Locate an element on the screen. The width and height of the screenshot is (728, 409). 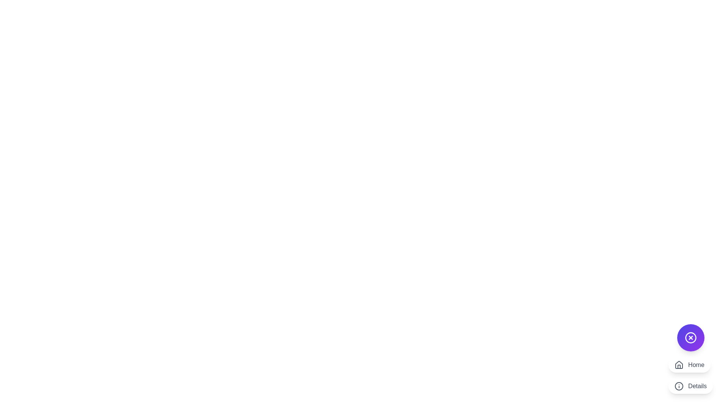
the circular button with a gradient color transition from indigo to purple, featuring a white circled 'X' icon, to interact via keyboard is located at coordinates (690, 337).